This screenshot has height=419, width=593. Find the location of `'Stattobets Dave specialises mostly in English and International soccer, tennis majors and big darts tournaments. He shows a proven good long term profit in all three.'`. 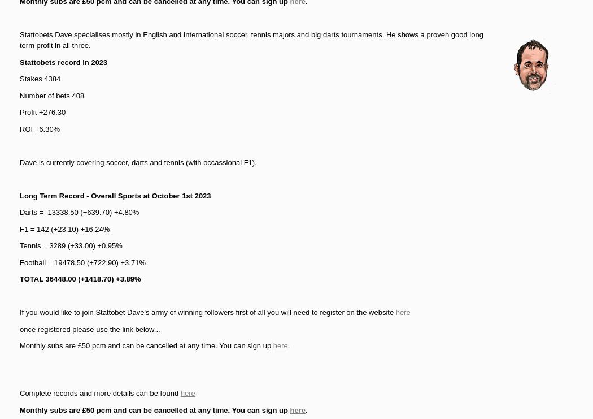

'Stattobets Dave specialises mostly in English and International soccer, tennis majors and big darts tournaments. He shows a proven good long term profit in all three.' is located at coordinates (19, 39).